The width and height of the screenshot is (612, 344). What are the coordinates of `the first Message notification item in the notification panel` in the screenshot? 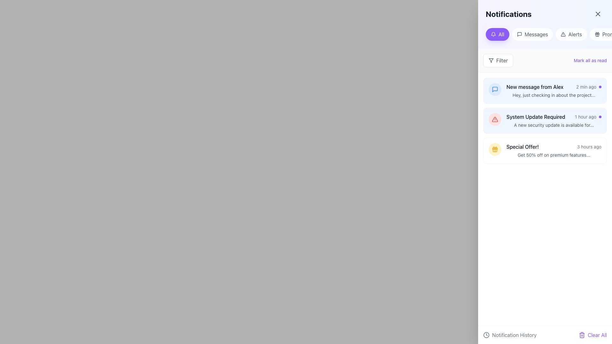 It's located at (553, 91).